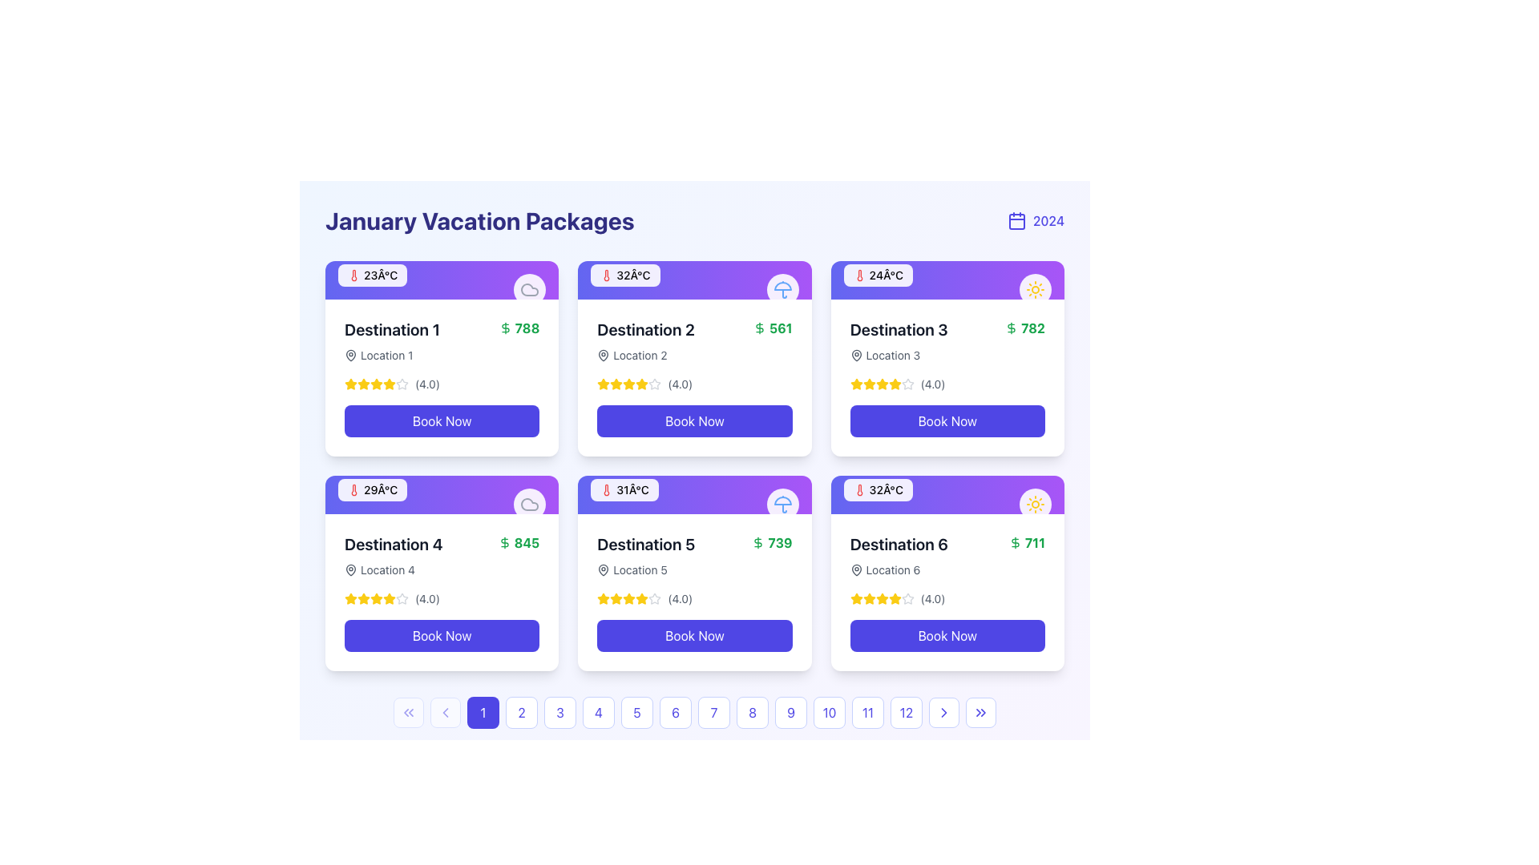 This screenshot has height=865, width=1539. I want to click on the unfilled star icon, so click(402, 599).